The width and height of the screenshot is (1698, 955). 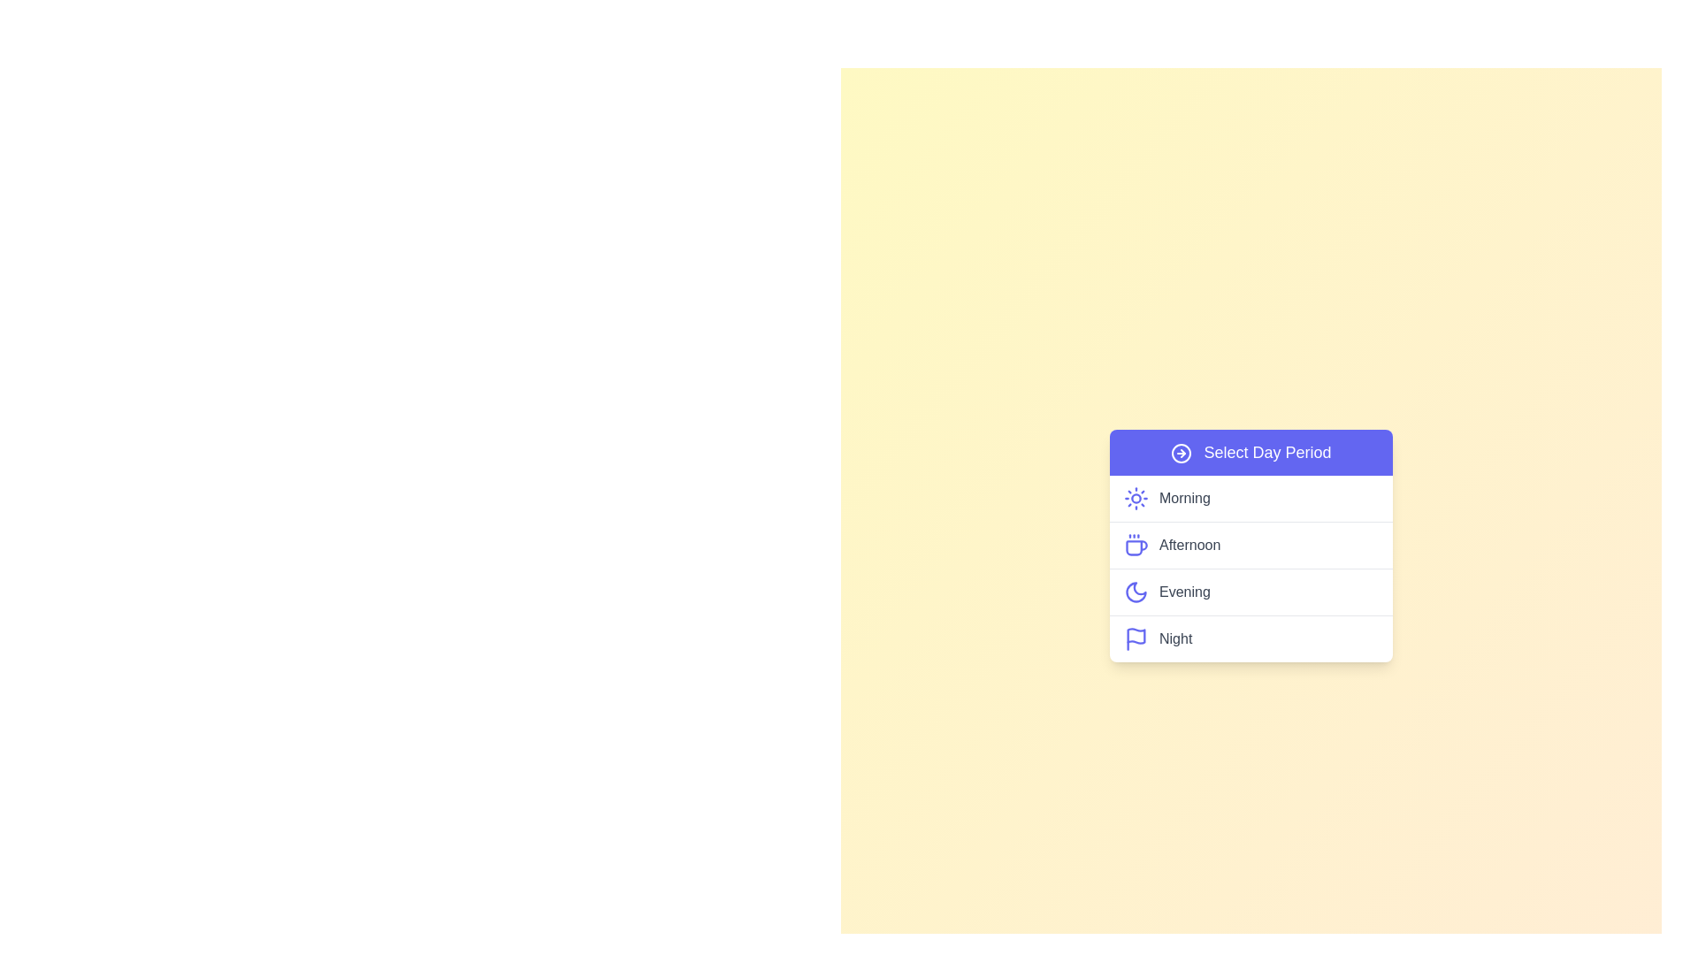 What do you see at coordinates (1251, 498) in the screenshot?
I see `the day period Morning from the menu` at bounding box center [1251, 498].